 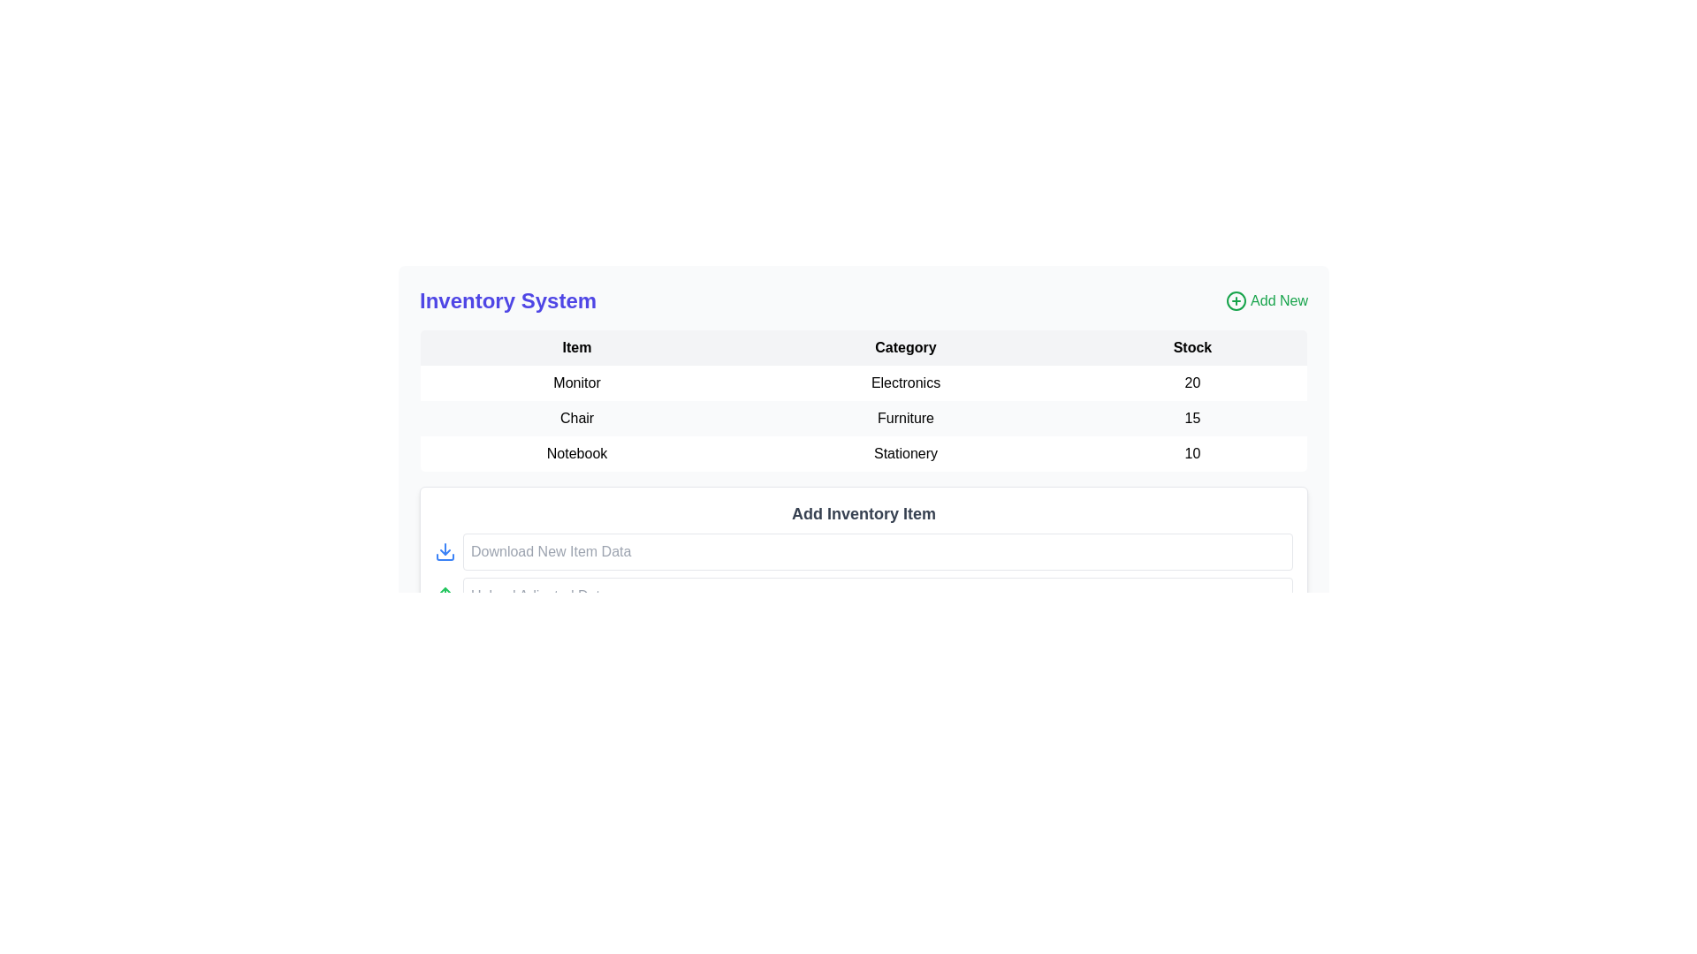 What do you see at coordinates (864, 419) in the screenshot?
I see `the table row containing 'Chair', 'Furniture', and '15' in the 'Inventory System' interface, positioned between 'Monitor Electronics 20' and 'Notebook Stationery 10'` at bounding box center [864, 419].